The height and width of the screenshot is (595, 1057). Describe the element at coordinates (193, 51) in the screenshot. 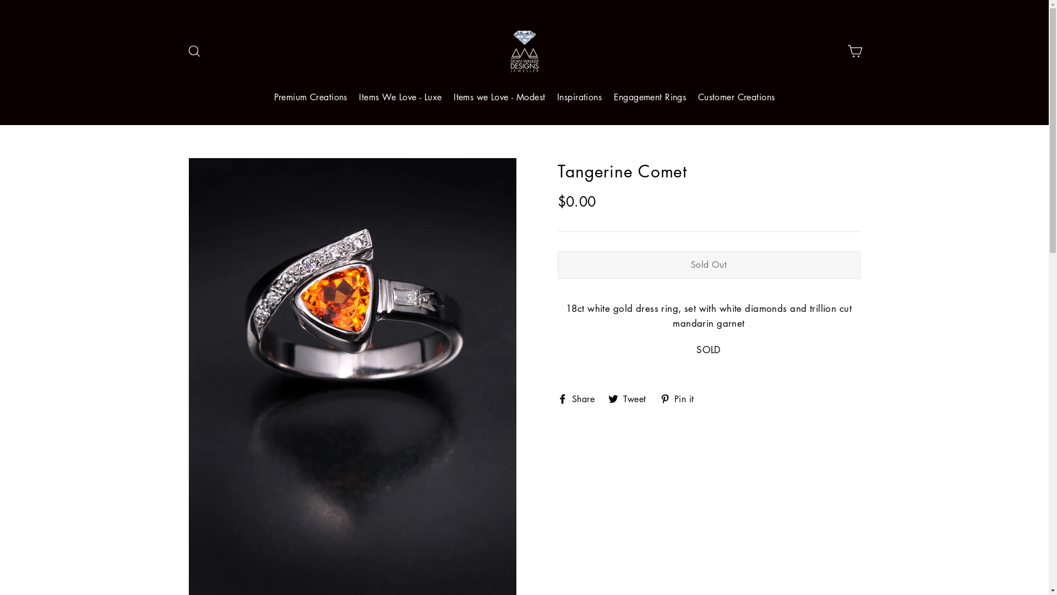

I see `'Search'` at that location.